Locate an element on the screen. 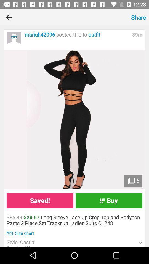  the images icon is located at coordinates (131, 181).